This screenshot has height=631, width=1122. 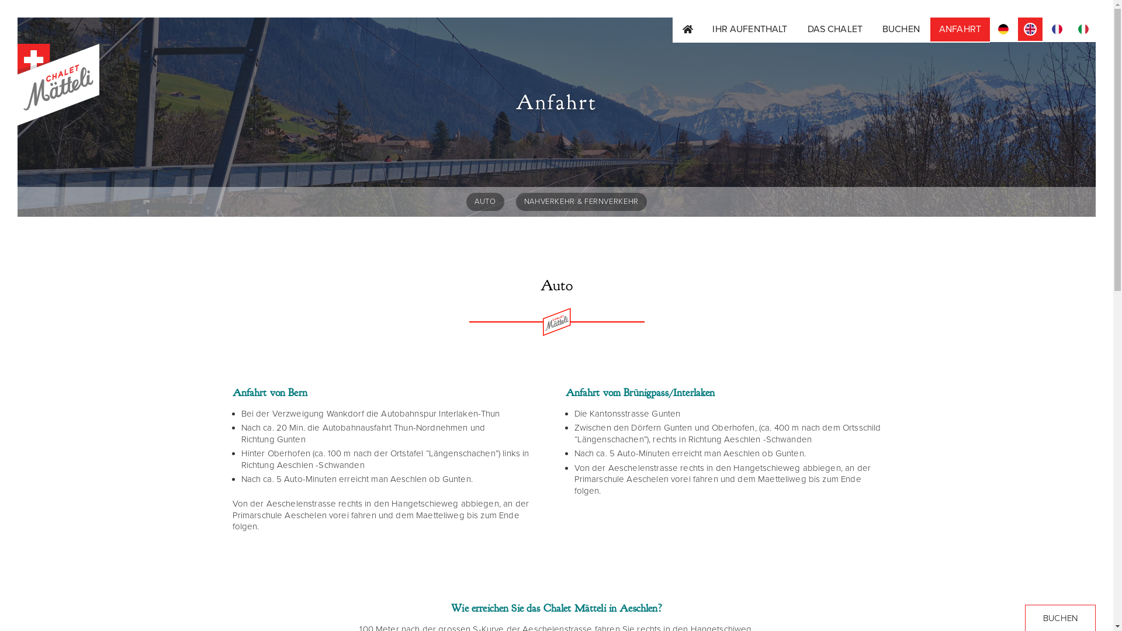 I want to click on 'ANFAHRT', so click(x=929, y=29).